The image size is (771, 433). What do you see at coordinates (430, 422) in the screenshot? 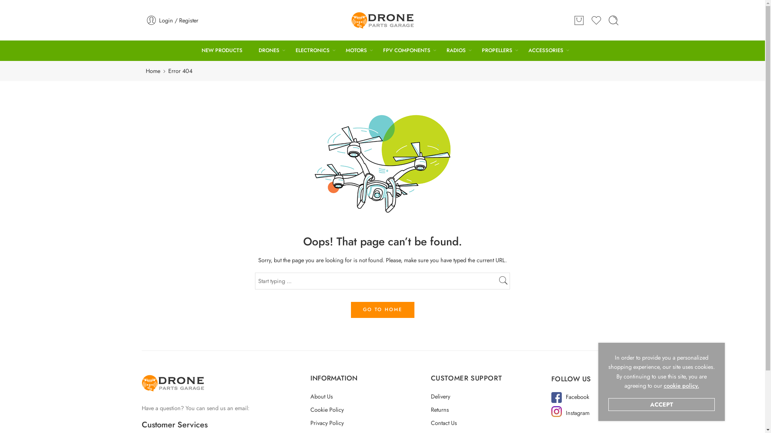
I see `'Contact Us'` at bounding box center [430, 422].